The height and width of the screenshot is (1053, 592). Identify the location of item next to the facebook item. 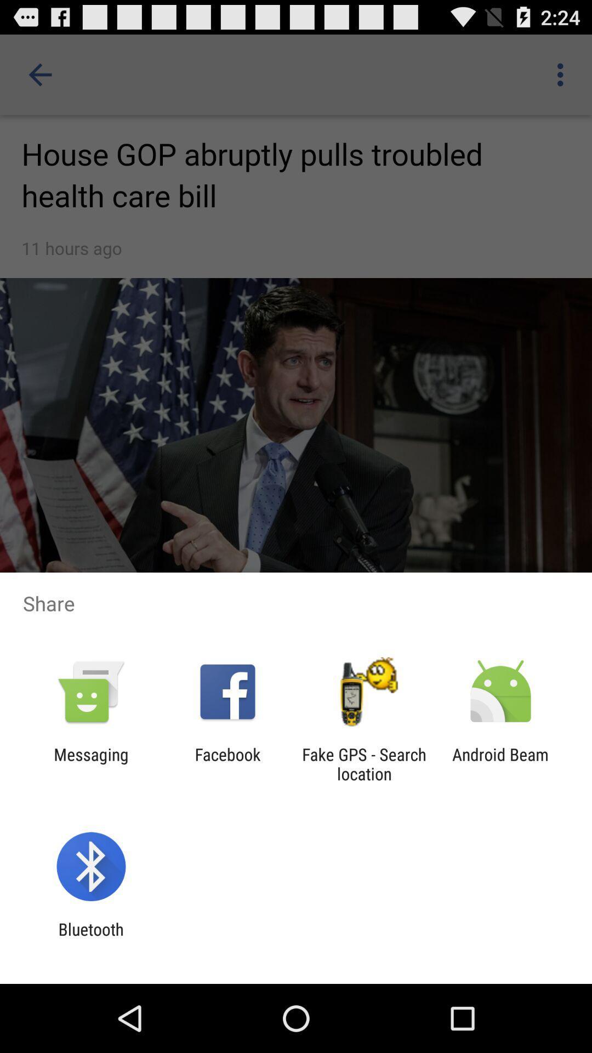
(90, 763).